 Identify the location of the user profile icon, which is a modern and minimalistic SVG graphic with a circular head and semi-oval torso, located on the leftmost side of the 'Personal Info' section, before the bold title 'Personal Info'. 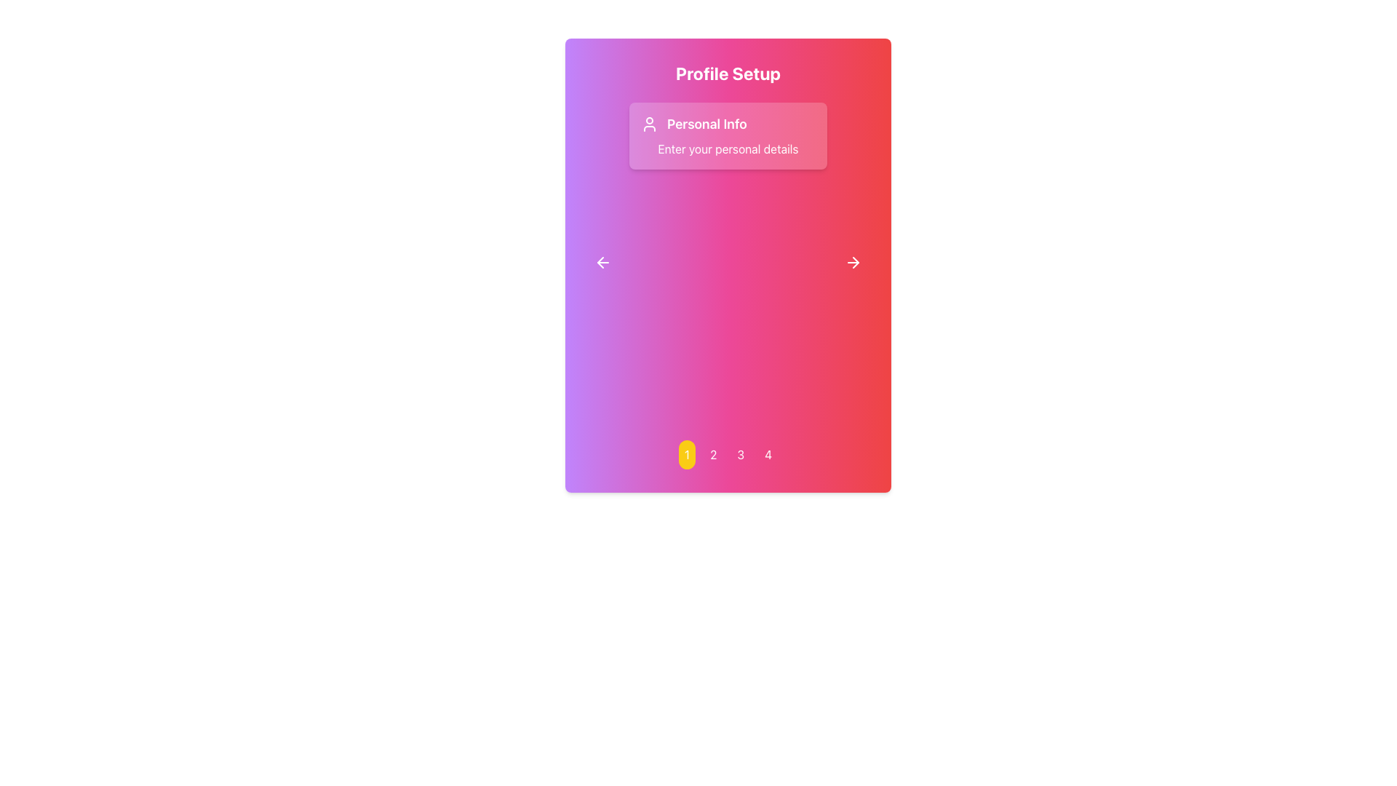
(648, 123).